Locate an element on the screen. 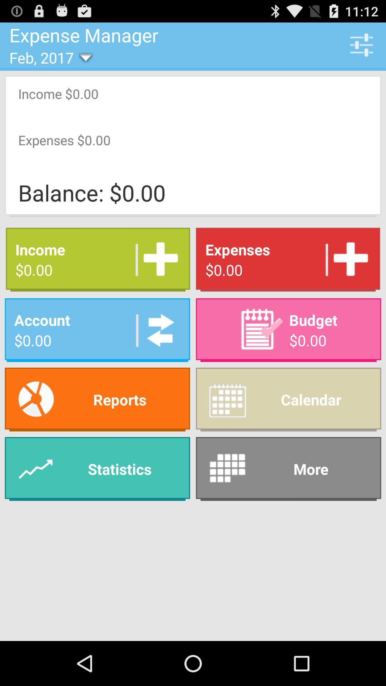 The width and height of the screenshot is (386, 686). icon at the bottom left corner is located at coordinates (97, 469).